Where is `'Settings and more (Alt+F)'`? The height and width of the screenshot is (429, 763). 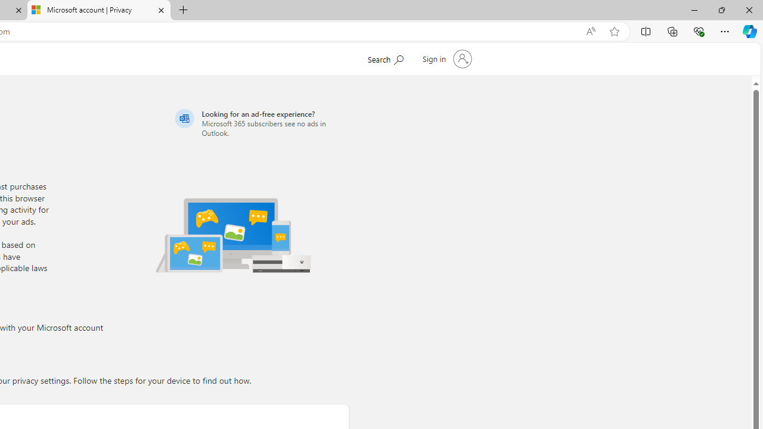 'Settings and more (Alt+F)' is located at coordinates (724, 30).